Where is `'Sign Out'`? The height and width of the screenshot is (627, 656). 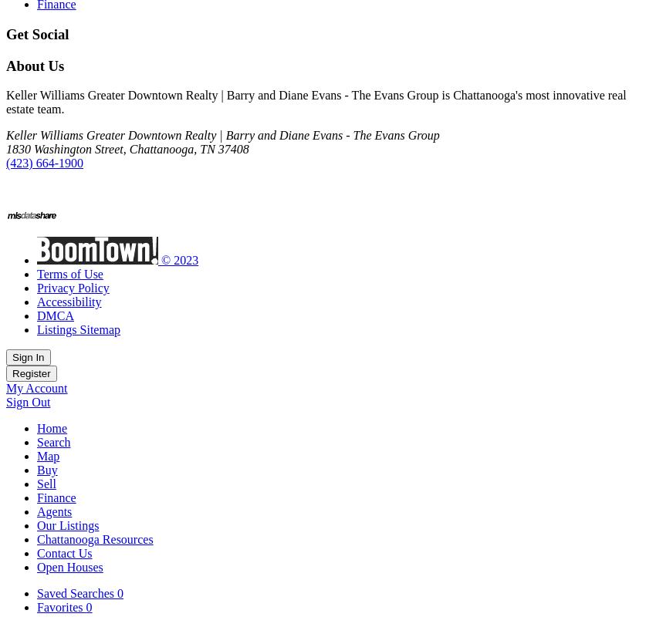 'Sign Out' is located at coordinates (27, 402).